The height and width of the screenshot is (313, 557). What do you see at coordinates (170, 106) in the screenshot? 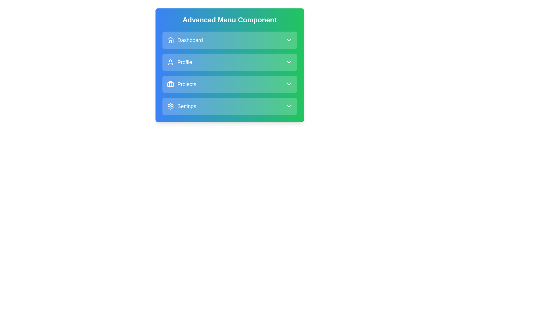
I see `the gear-shaped icon representing settings, located to the left of the 'Settings' menu item` at bounding box center [170, 106].